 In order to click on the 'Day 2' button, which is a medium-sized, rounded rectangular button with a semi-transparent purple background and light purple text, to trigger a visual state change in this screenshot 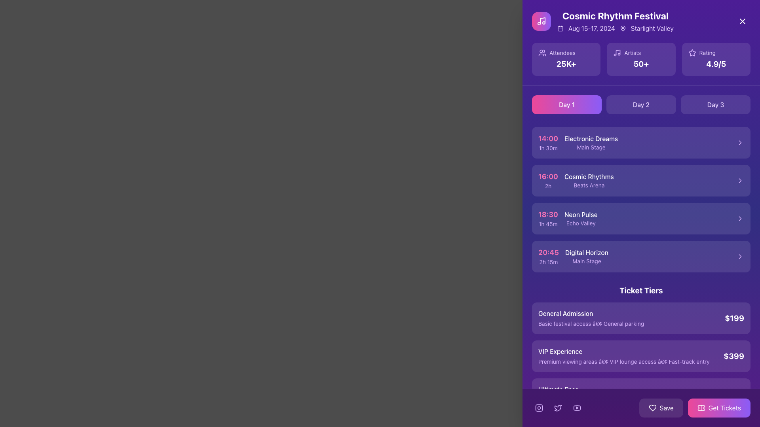, I will do `click(641, 104)`.